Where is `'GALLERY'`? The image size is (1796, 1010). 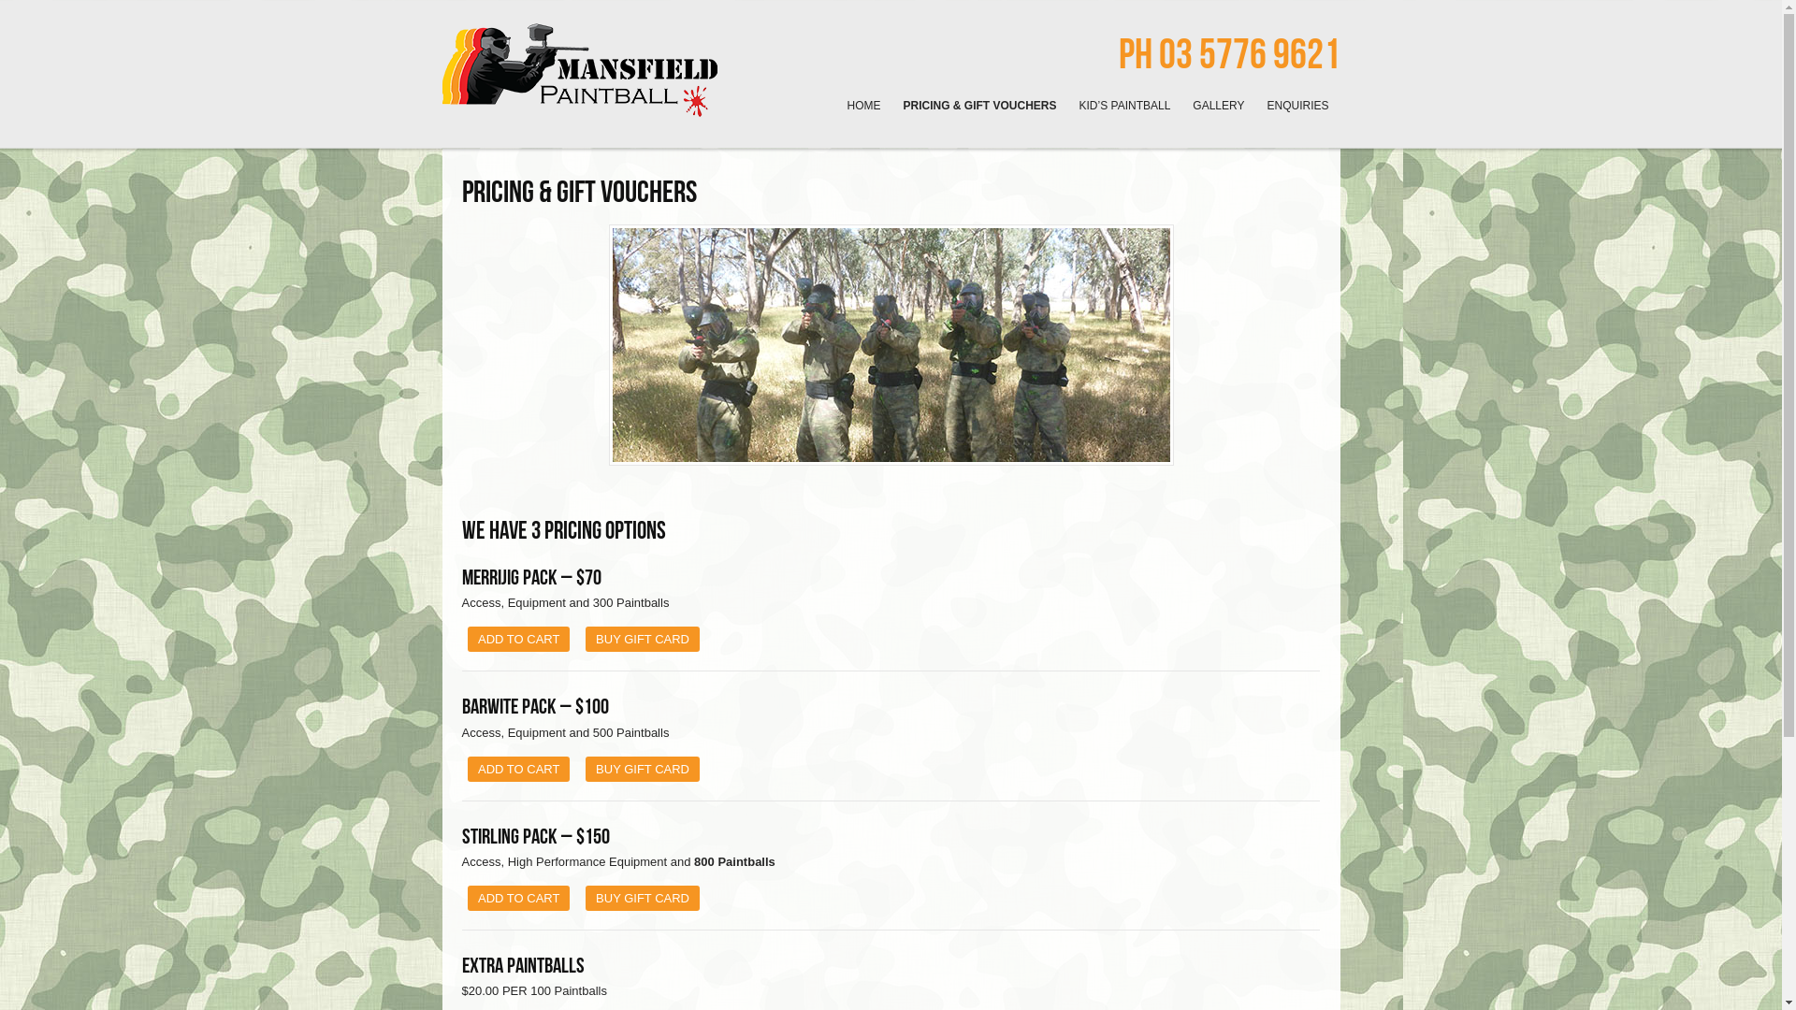 'GALLERY' is located at coordinates (1218, 105).